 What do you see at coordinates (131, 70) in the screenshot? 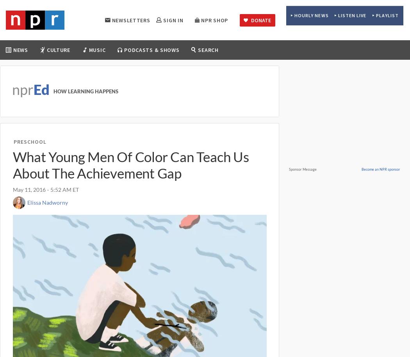
I see `'Daily'` at bounding box center [131, 70].